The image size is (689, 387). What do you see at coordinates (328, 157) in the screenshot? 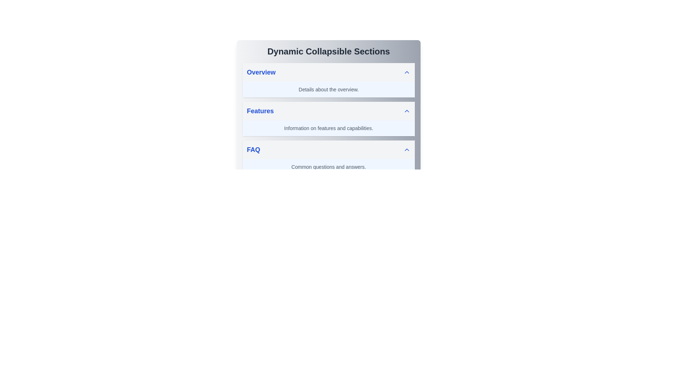
I see `the third collapsible section labeled 'FAQ' with an upward-pointing arrow icon using the keyboard` at bounding box center [328, 157].